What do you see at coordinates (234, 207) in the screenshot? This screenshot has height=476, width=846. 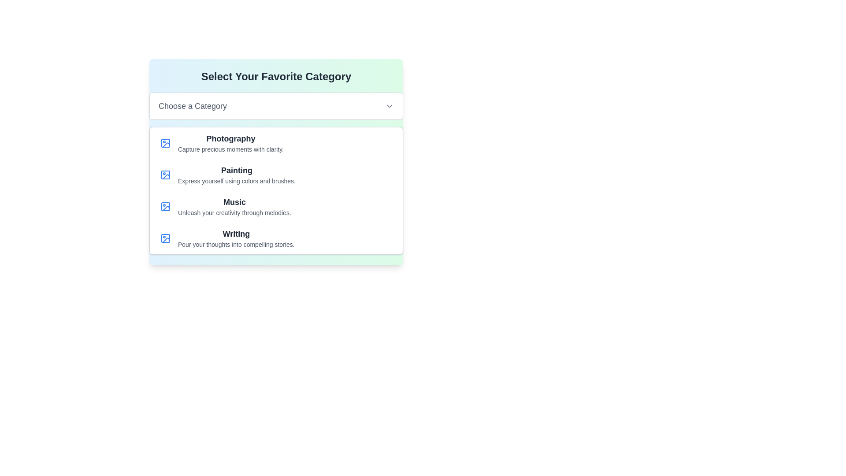 I see `the 'Music' category item, which includes a bold heading and a descriptive text` at bounding box center [234, 207].